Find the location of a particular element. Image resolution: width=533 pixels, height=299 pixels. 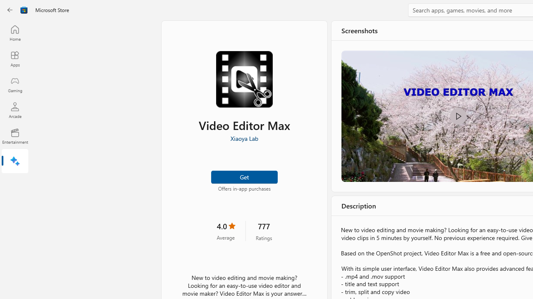

'Arcade' is located at coordinates (15, 110).